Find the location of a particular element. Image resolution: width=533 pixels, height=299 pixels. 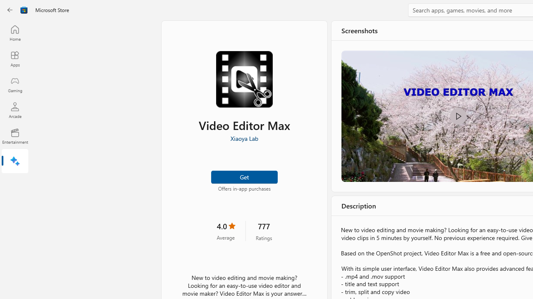

'Arcade' is located at coordinates (15, 110).